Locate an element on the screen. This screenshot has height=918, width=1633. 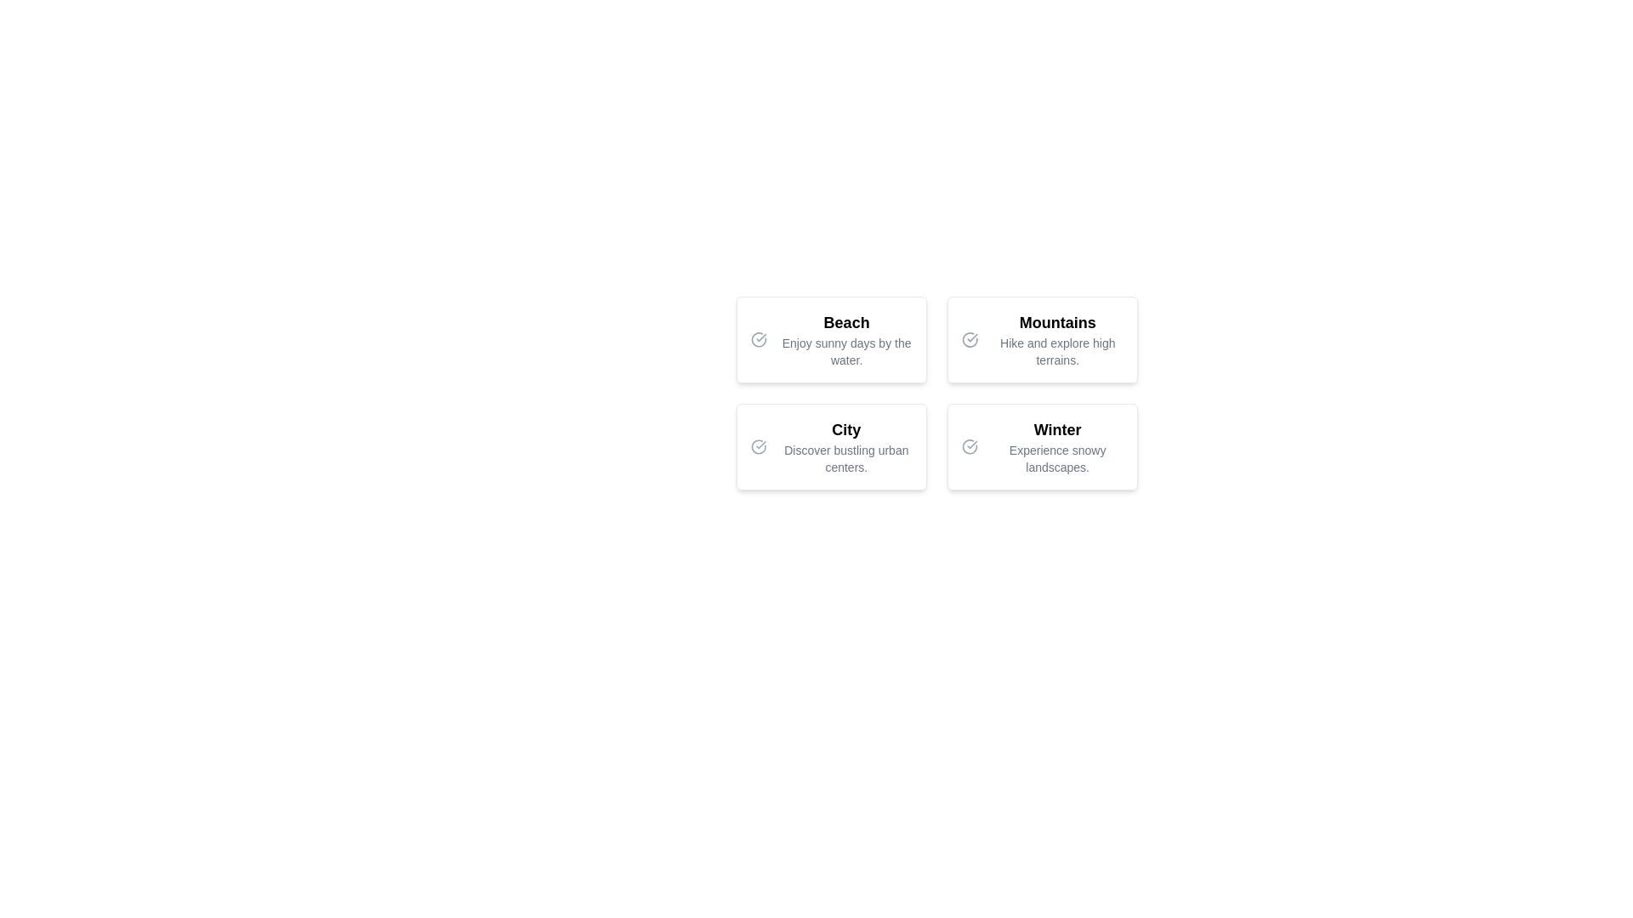
the Text Display element that describes options related to 'Mountains', located in the top right corner of a card layout is located at coordinates (1056, 340).